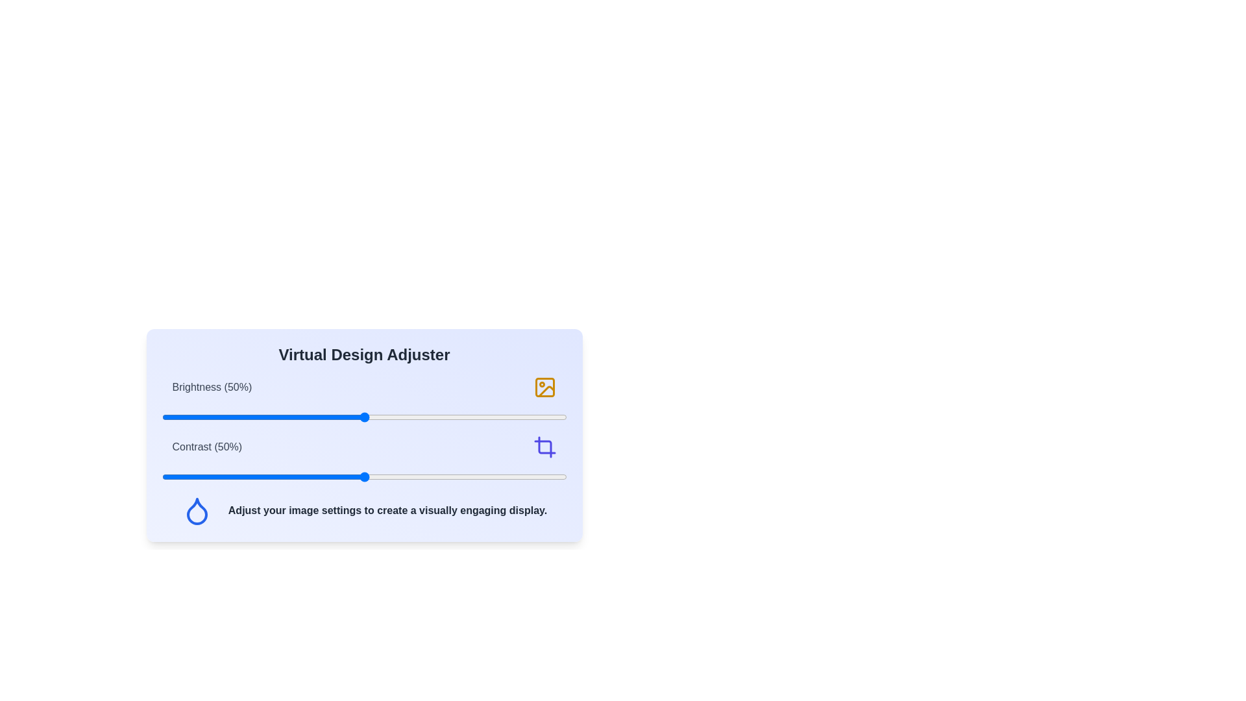 Image resolution: width=1246 pixels, height=701 pixels. I want to click on 'Droplet' icon to access additional interactions, so click(196, 510).